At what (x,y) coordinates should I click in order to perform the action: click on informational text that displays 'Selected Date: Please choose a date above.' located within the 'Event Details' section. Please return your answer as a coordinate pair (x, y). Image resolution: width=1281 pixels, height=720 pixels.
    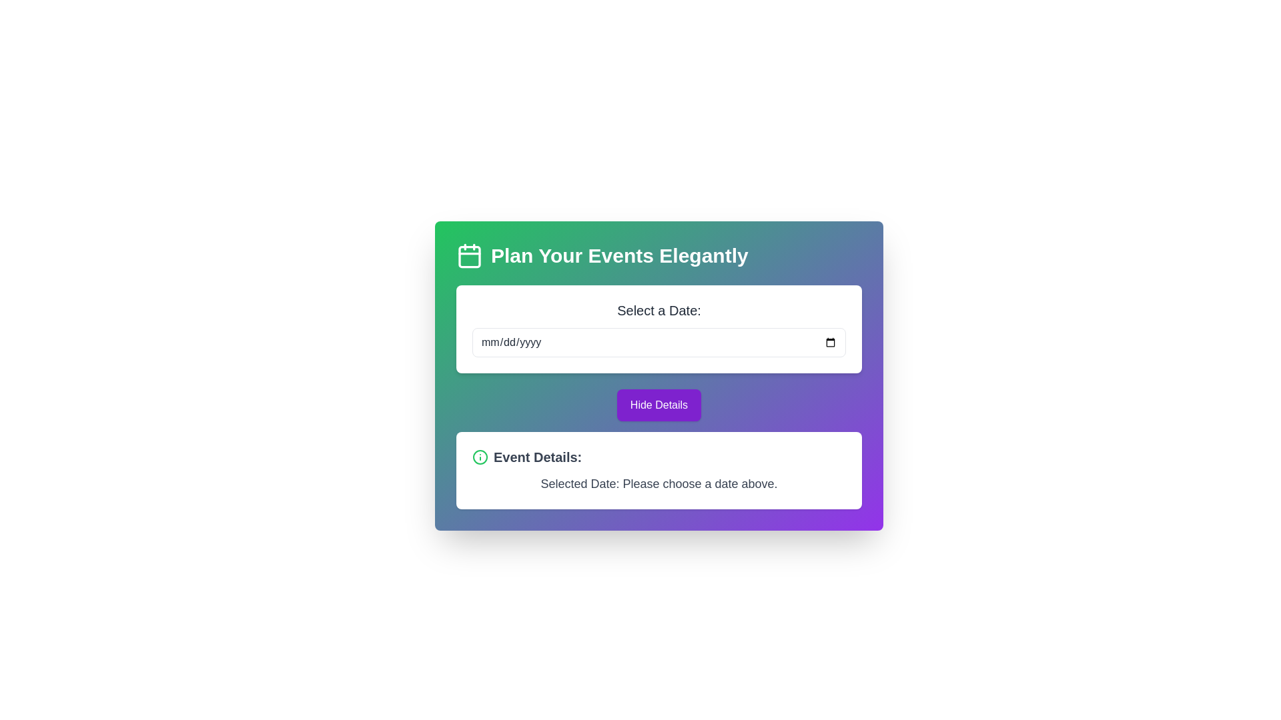
    Looking at the image, I should click on (659, 483).